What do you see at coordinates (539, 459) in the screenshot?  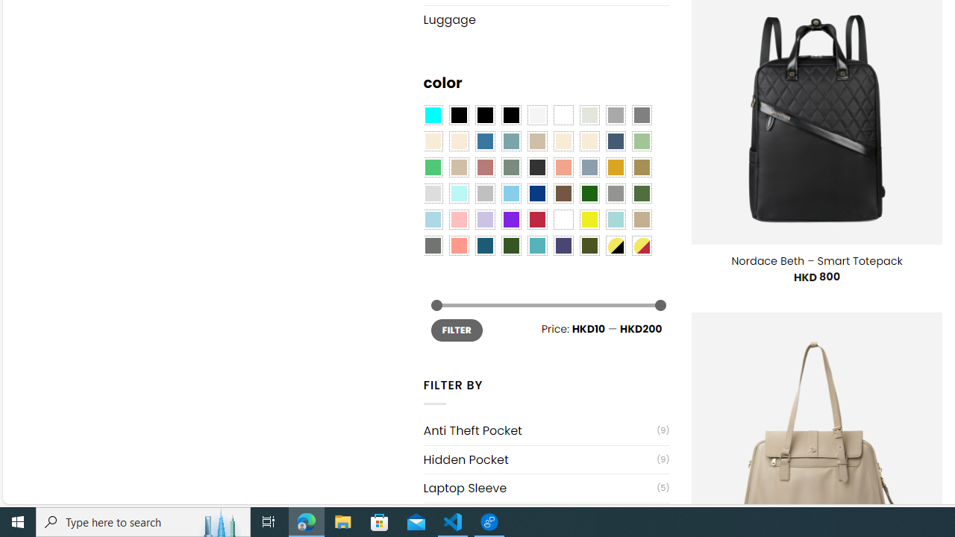 I see `'Hidden Pocket'` at bounding box center [539, 459].